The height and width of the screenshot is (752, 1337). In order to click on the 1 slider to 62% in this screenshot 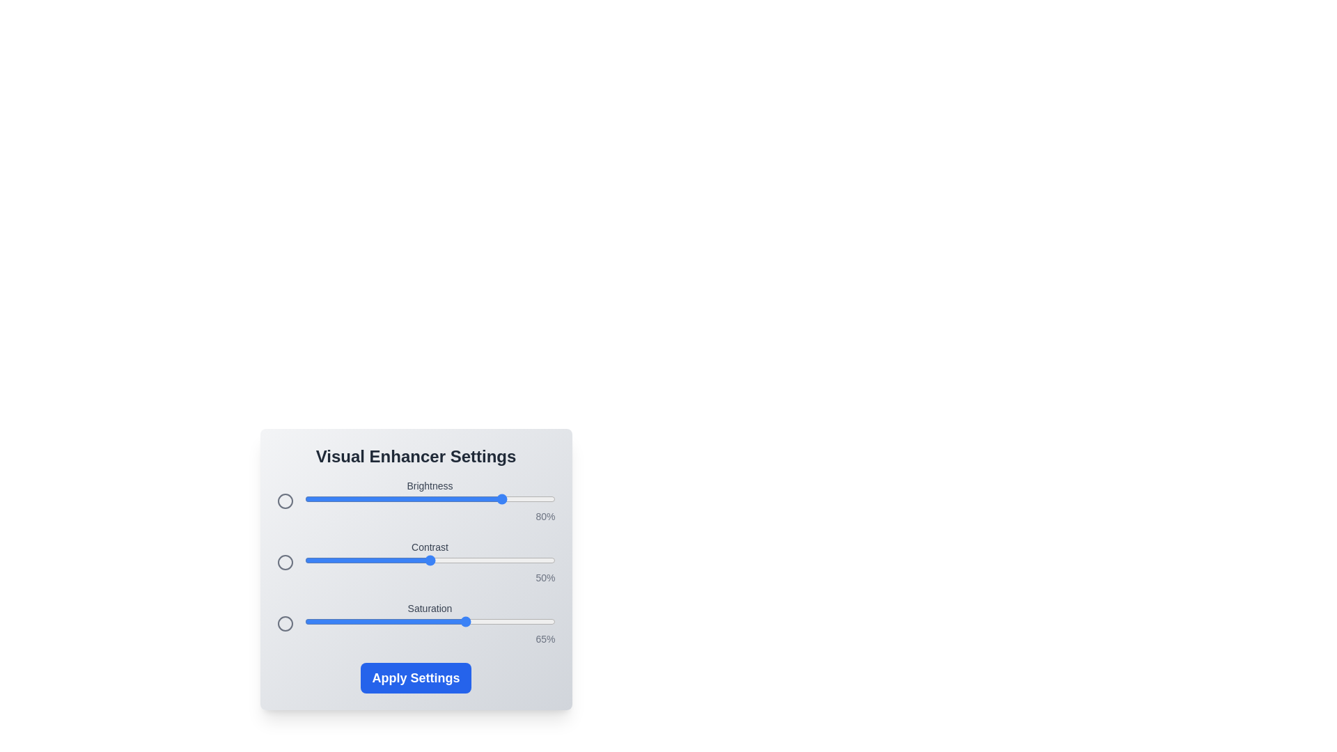, I will do `click(460, 560)`.